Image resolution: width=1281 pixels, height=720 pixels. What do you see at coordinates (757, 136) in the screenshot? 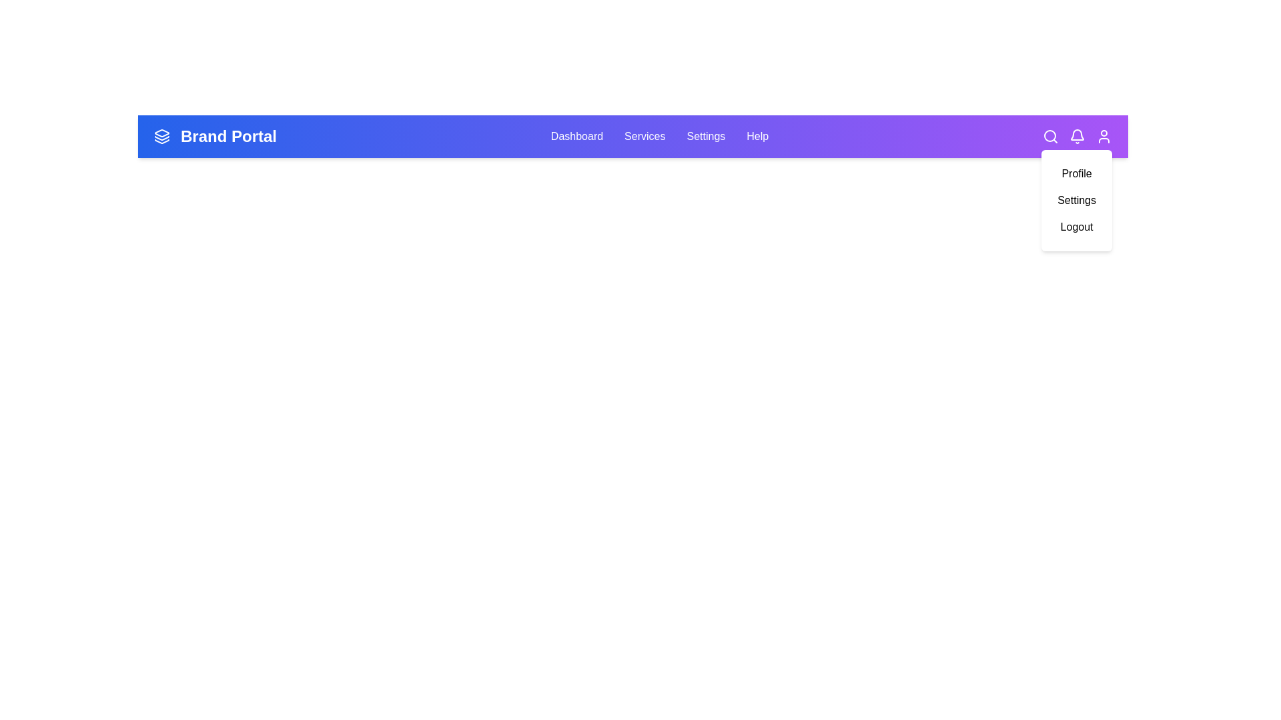
I see `the fourth hyperlink in the top-right of the gradient navigation bar` at bounding box center [757, 136].